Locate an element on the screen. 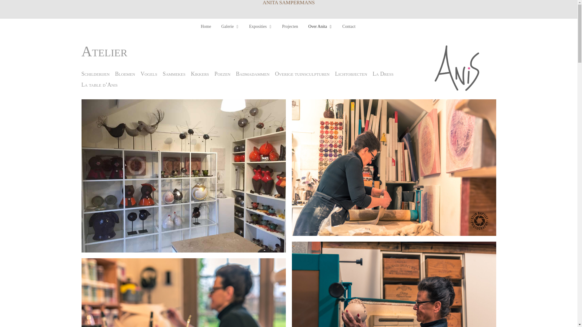 Image resolution: width=582 pixels, height=327 pixels. 'Poezen' is located at coordinates (222, 73).